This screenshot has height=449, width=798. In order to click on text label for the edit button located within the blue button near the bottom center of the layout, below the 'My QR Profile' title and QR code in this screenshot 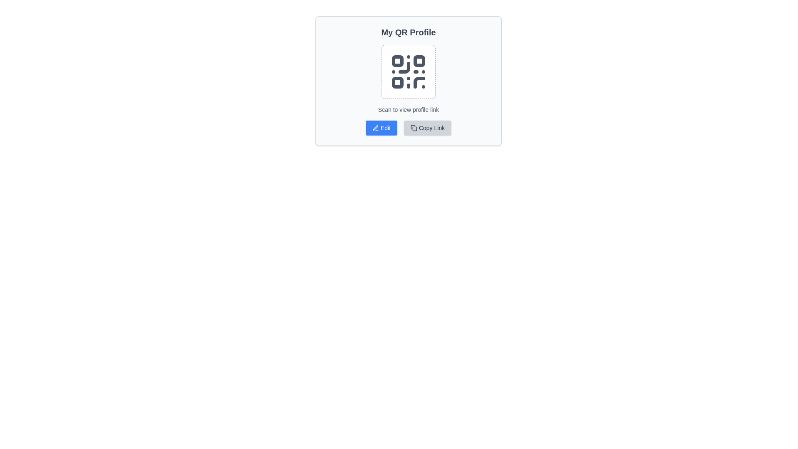, I will do `click(385, 128)`.